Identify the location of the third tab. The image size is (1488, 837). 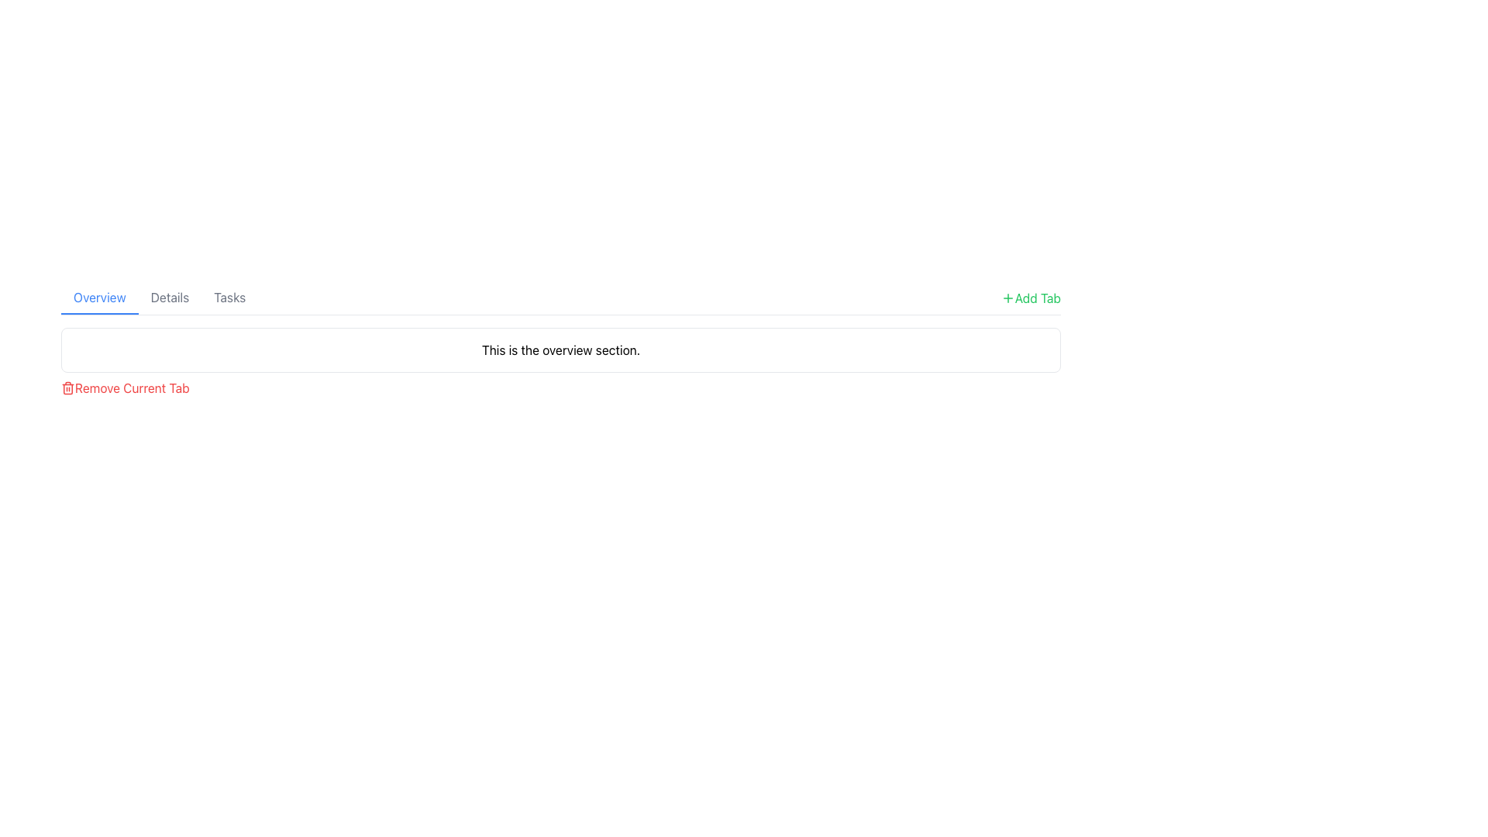
(229, 298).